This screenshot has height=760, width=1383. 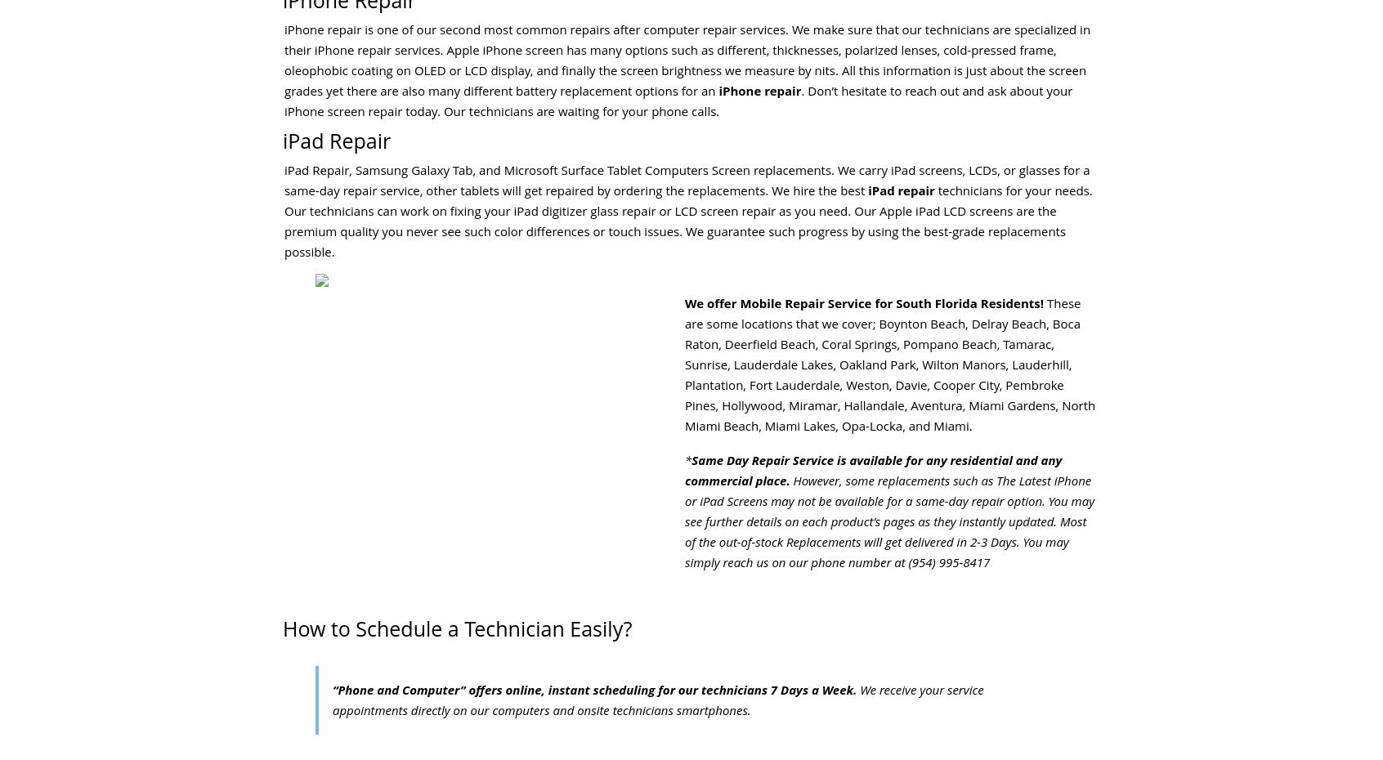 What do you see at coordinates (687, 58) in the screenshot?
I see `'iPhone repair is one of our second most common repairs after computer repair services. We make sure that our technicians are specialized in their iPhone repair services. Apple iPhone screen has many options such as different, thicknesses, polarized lenses, cold-pressed frame, oleophobic coating on OLED or LCD display, and finally the screen brightness we measure by nits. All this information is just about the screen grades yet there are also many different battery replacement options for an'` at bounding box center [687, 58].